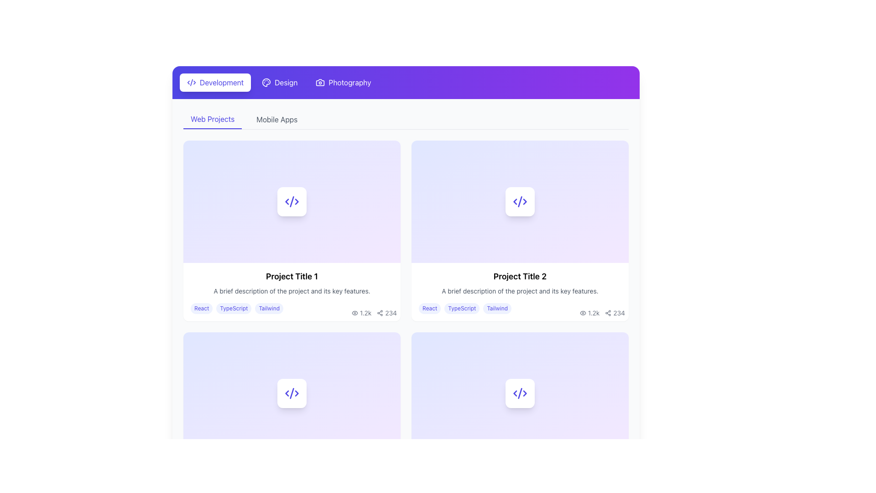 This screenshot has height=493, width=876. Describe the element at coordinates (291, 393) in the screenshot. I see `the visual representation of the XML code tags icon, which is styled with a purple color scheme and presented within a white, rounded square background, located in the bottom-left card of a grid of four cards` at that location.